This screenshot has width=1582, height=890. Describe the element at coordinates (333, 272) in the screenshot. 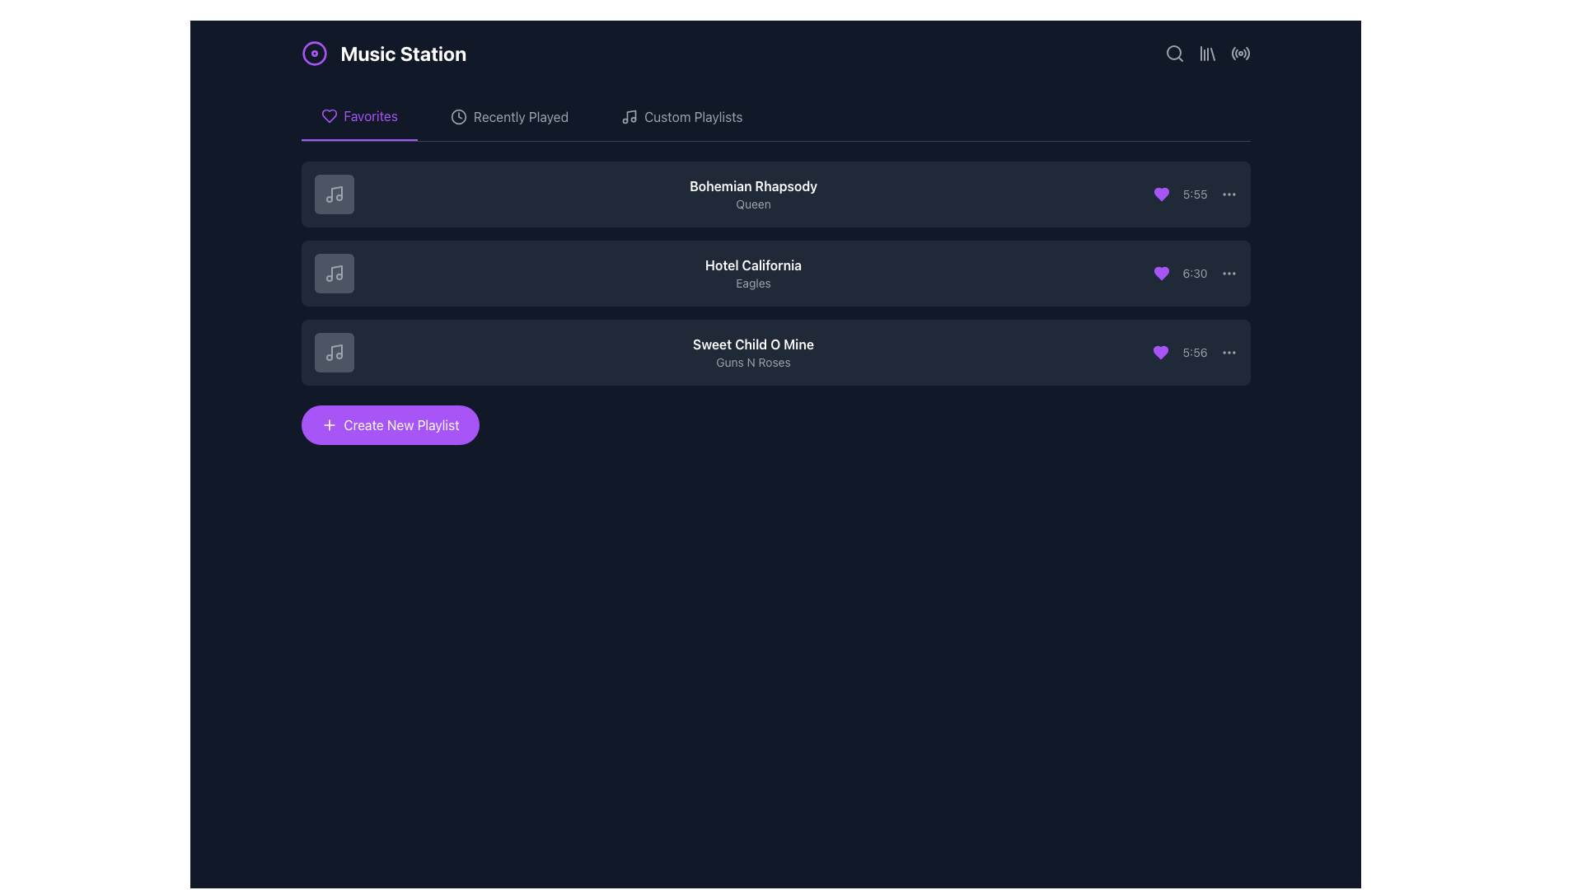

I see `the music playlist icon located in the second playlist entry box, which is centered in a dark gray square button-like element` at that location.